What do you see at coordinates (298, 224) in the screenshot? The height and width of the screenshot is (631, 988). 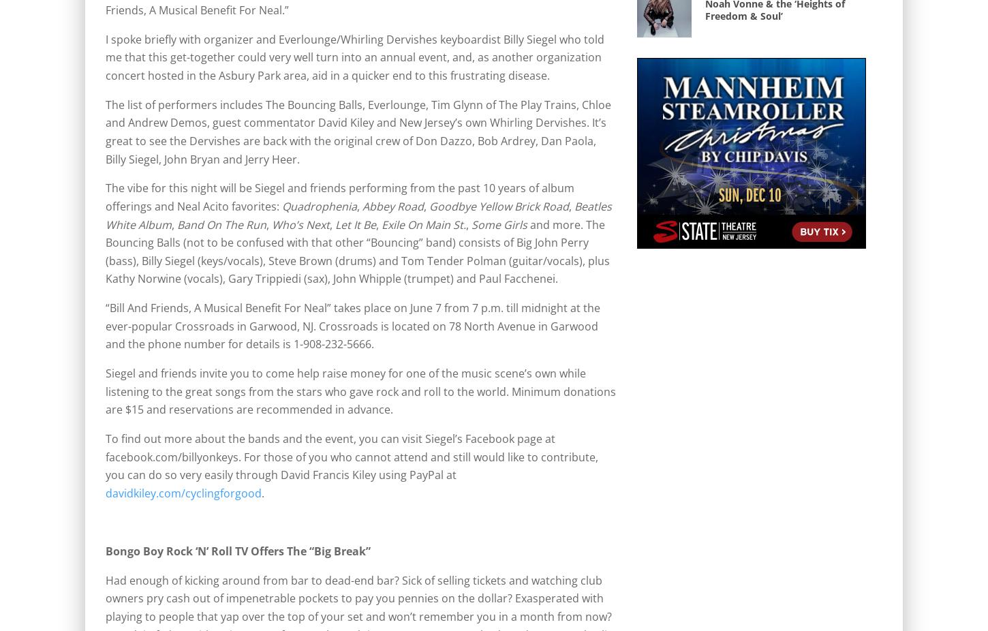 I see `'Who’s Next'` at bounding box center [298, 224].